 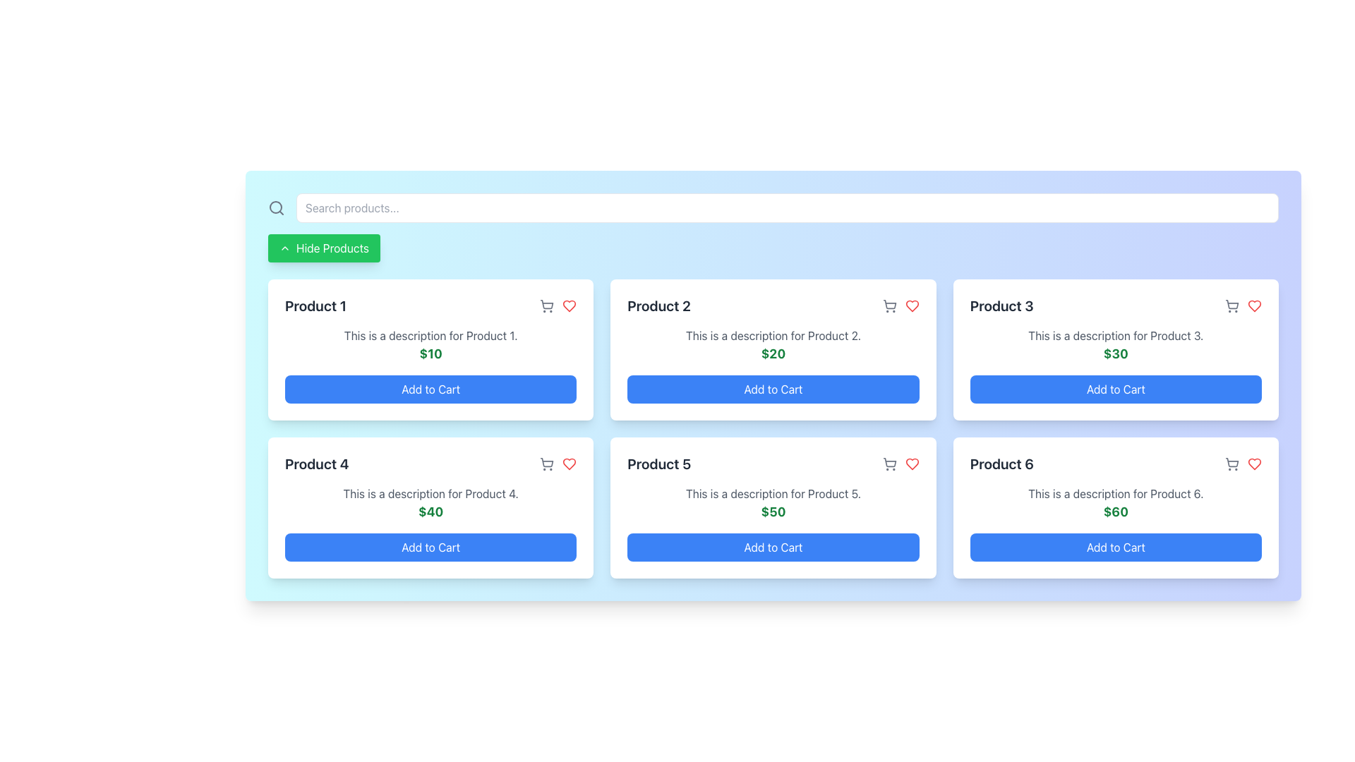 What do you see at coordinates (315, 306) in the screenshot?
I see `the static text label that displays 'Product 1', which is styled with an extra-large bold font in dark gray, located in the top-left section of the first product card` at bounding box center [315, 306].